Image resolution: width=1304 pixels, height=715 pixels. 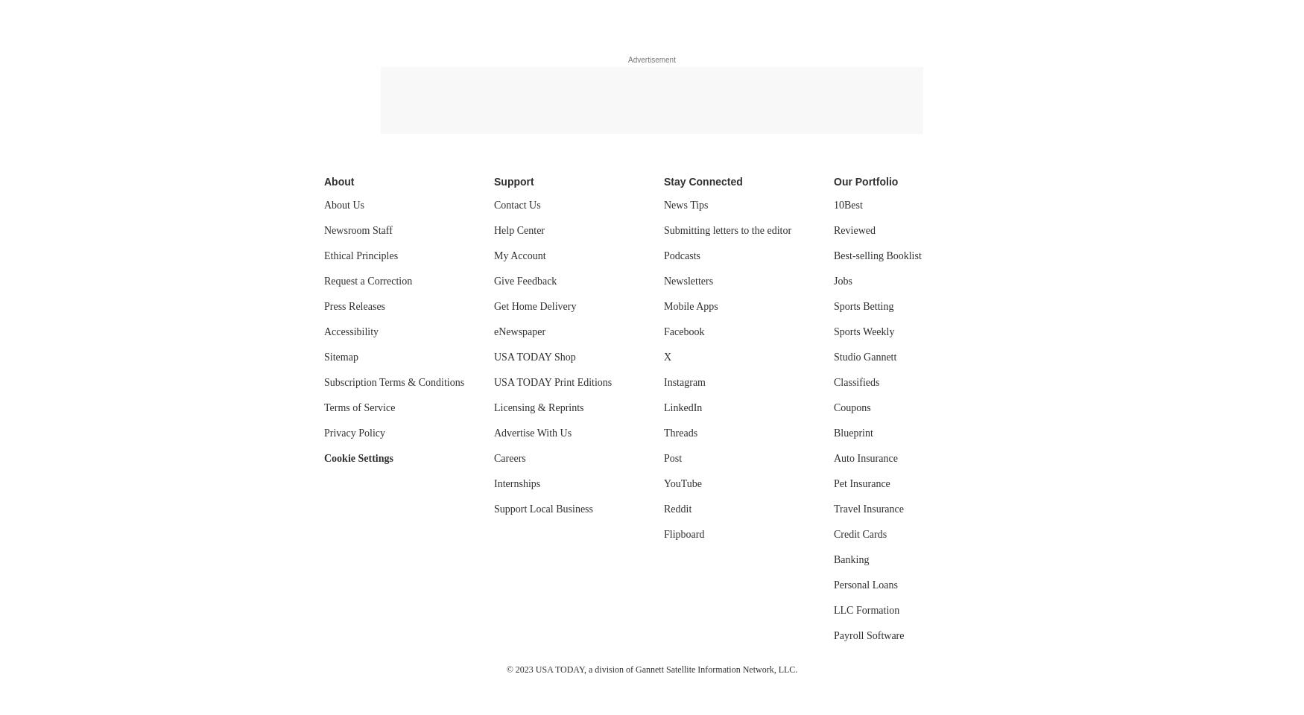 What do you see at coordinates (851, 407) in the screenshot?
I see `'Coupons'` at bounding box center [851, 407].